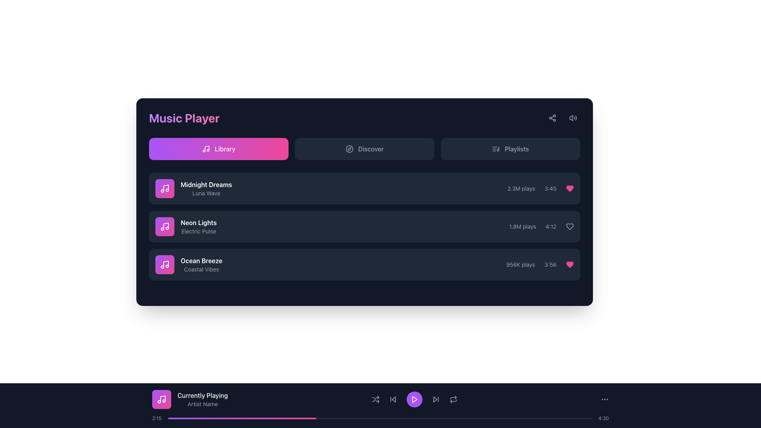 This screenshot has height=428, width=761. Describe the element at coordinates (161, 399) in the screenshot. I see `the decorative music icon located in the lower player bar, left of the 'Currently Playing' text and track's artist name` at that location.